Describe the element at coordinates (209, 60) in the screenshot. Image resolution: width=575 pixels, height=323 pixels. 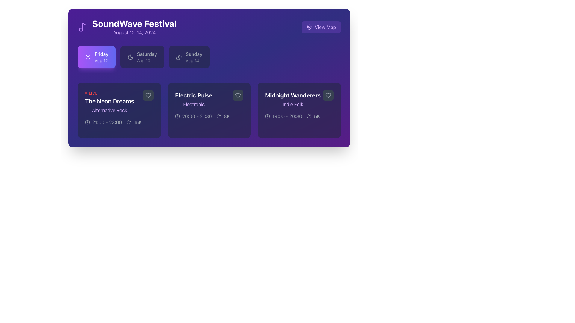
I see `the horizontal tab bar with selectable date items` at that location.